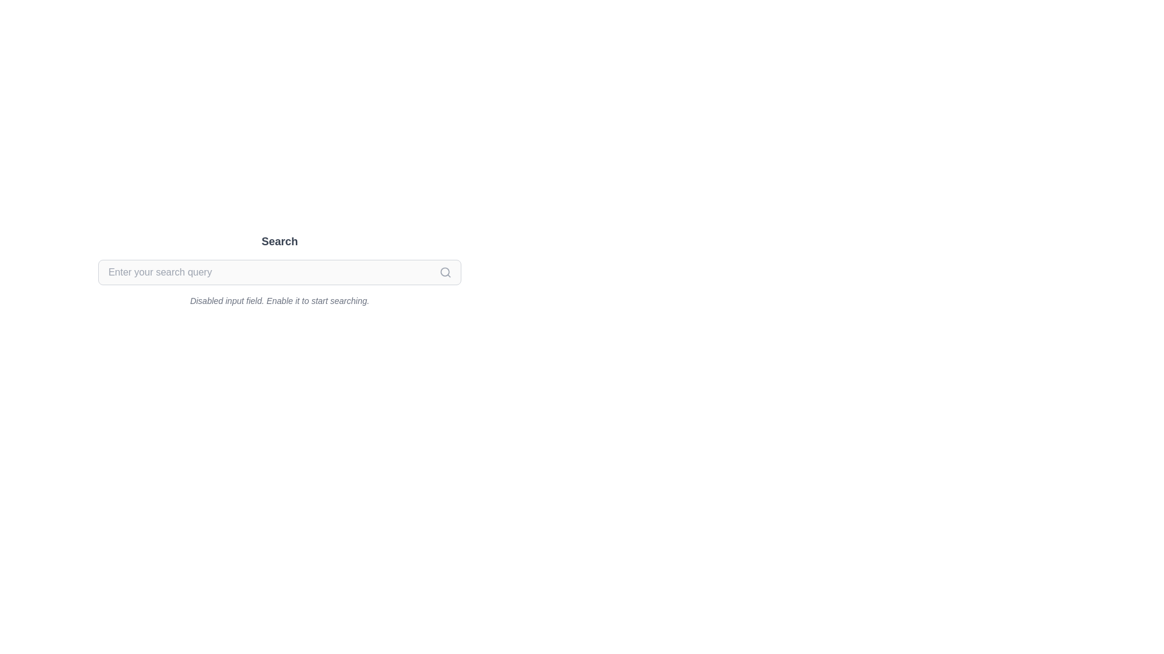  Describe the element at coordinates (445, 272) in the screenshot. I see `the magnifying glass icon representing the search feature, which is positioned on the far right of the search input field below the title labeled 'Search'` at that location.